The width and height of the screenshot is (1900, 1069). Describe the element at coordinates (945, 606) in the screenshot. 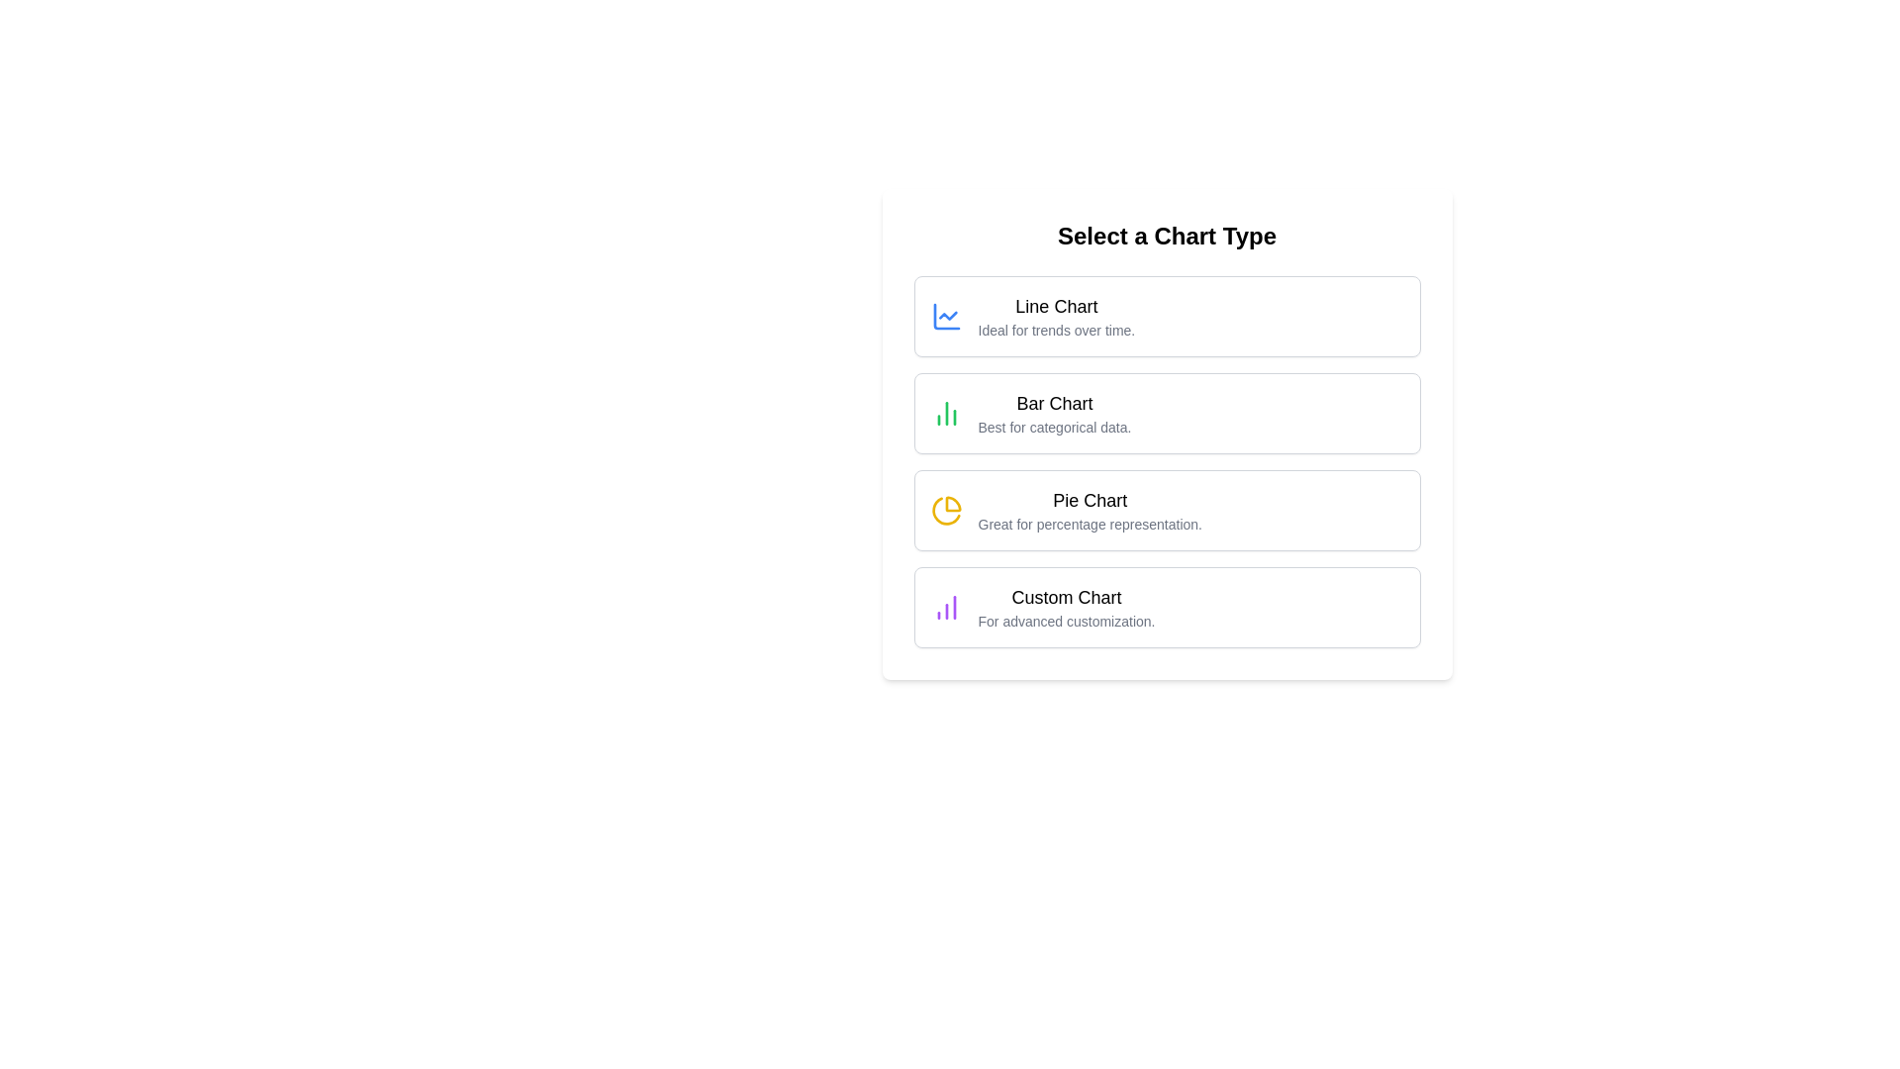

I see `the 'Custom Chart' icon located within the bottom card labeled 'Custom Chart For advanced customization', which is positioned to the left of the accompanying text` at that location.